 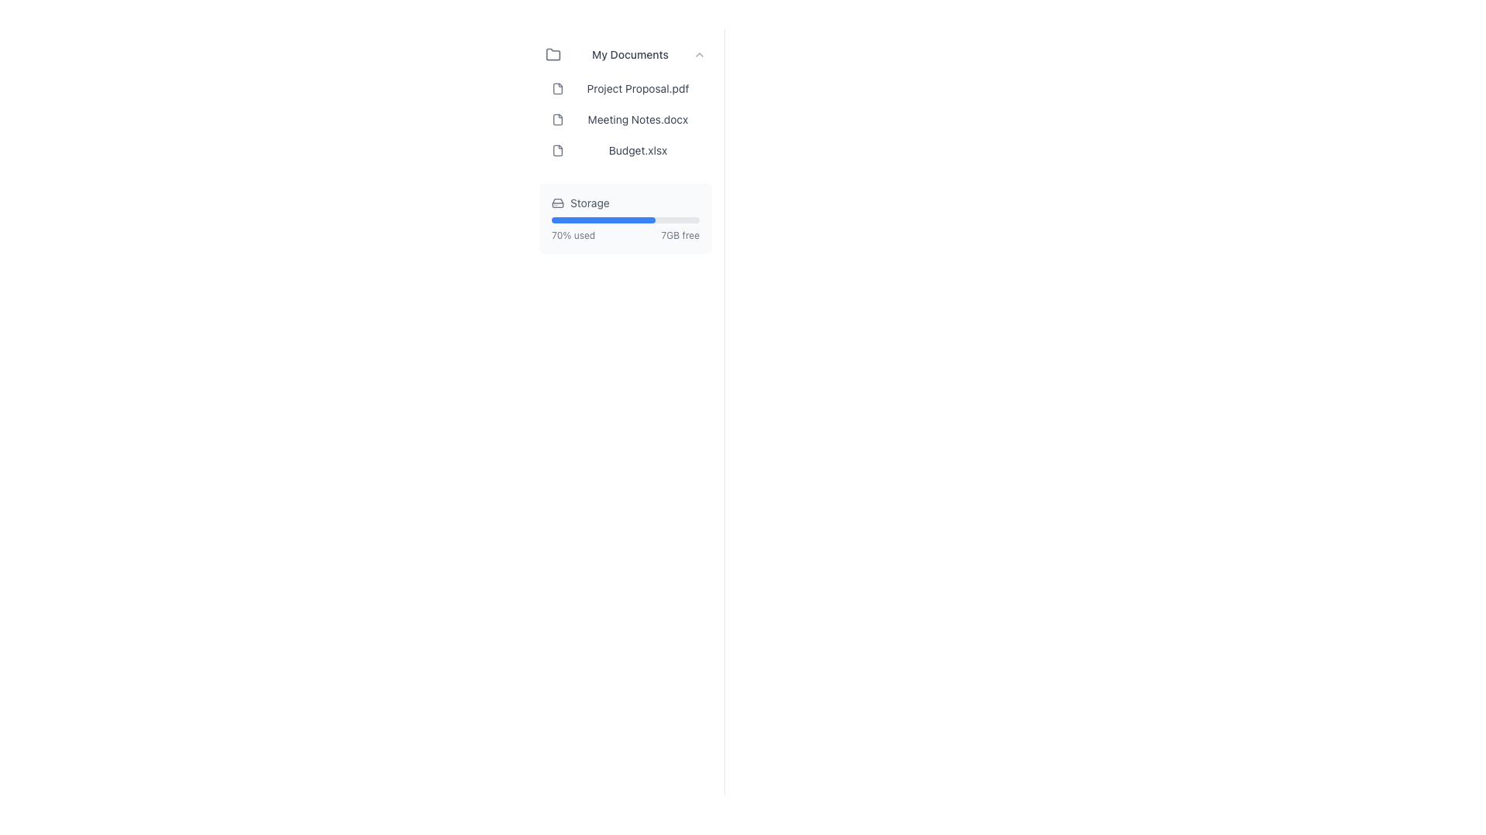 I want to click on the blue progress bar segment representing 70% completion in the 'Storage' section of the interface, so click(x=602, y=220).